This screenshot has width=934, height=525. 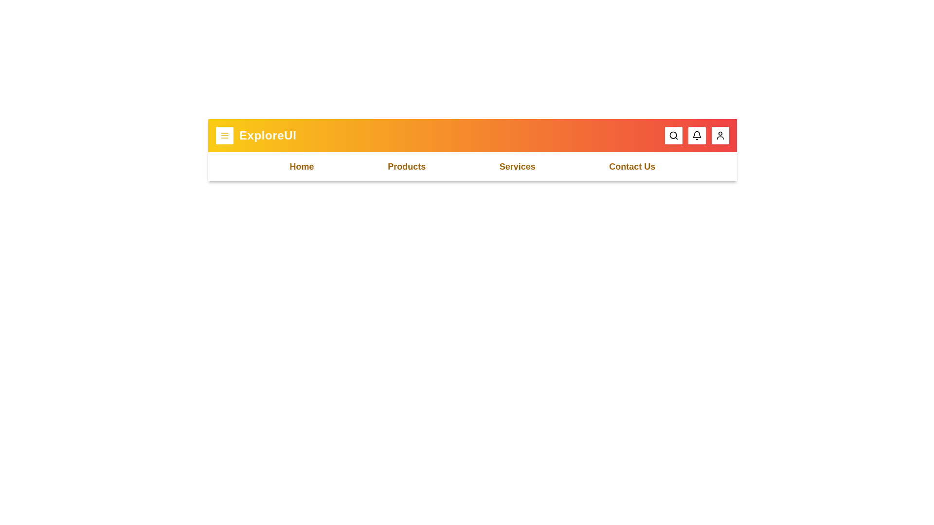 What do you see at coordinates (517, 166) in the screenshot?
I see `the menu item Services by clicking on it` at bounding box center [517, 166].